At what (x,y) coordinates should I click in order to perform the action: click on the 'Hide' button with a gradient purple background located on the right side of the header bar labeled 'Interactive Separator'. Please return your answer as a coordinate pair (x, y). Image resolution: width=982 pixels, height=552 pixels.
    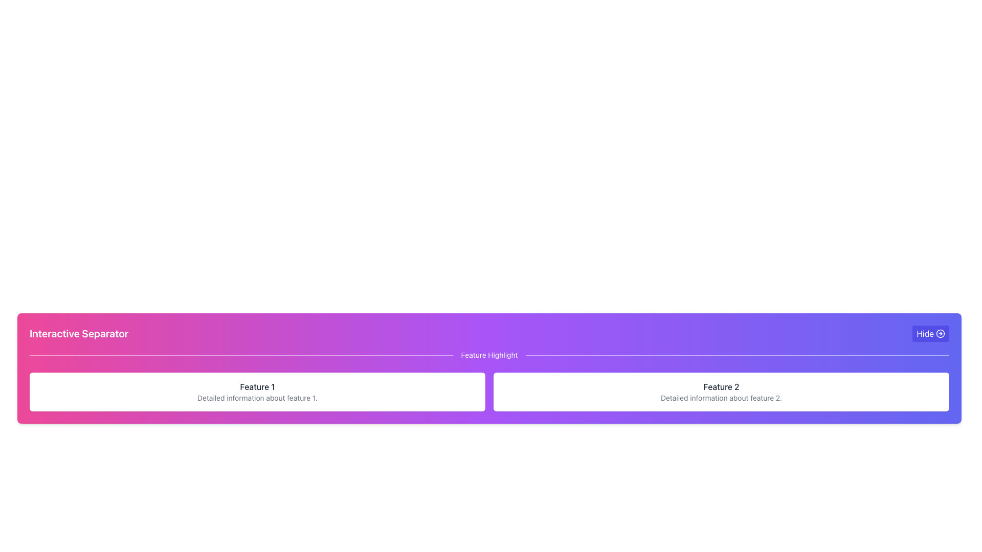
    Looking at the image, I should click on (931, 333).